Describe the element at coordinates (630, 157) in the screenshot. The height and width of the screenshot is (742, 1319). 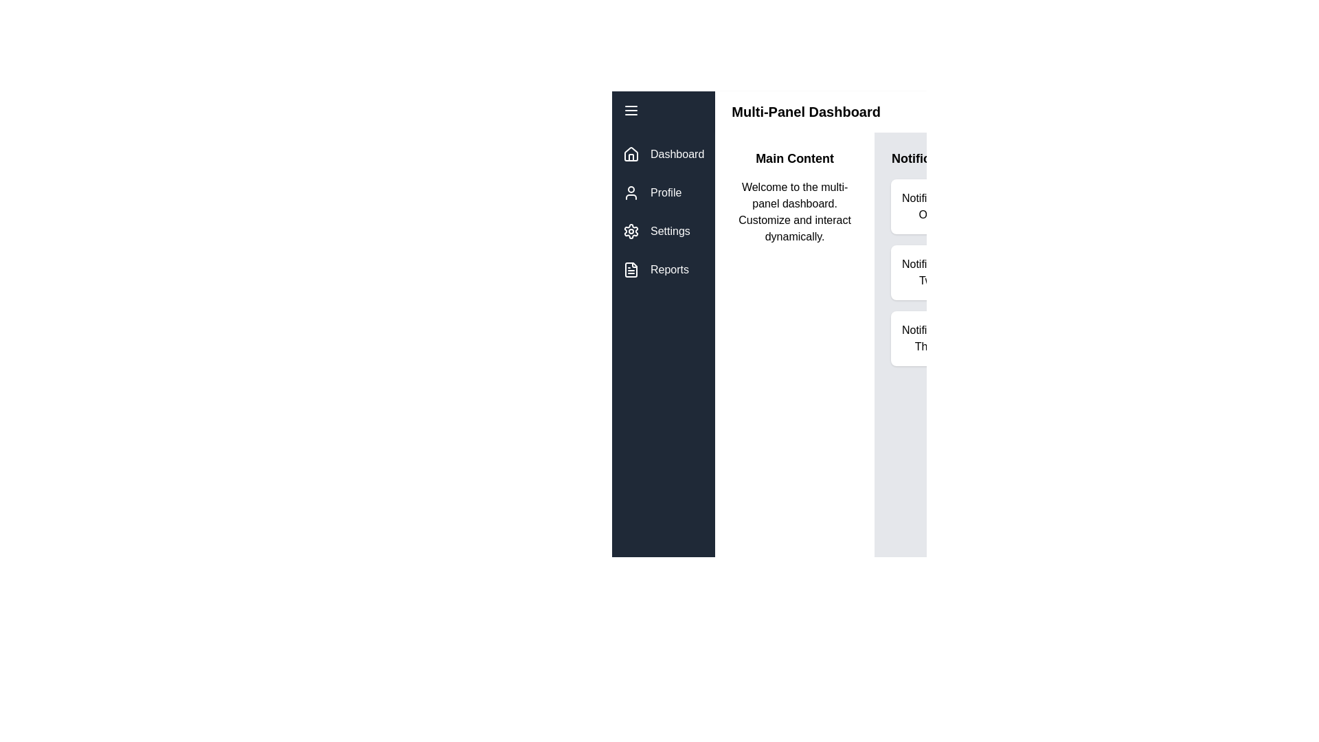
I see `the decorative graphical element of the house icon, which is centrally positioned near the lower half, likely symbolizing a doorway` at that location.